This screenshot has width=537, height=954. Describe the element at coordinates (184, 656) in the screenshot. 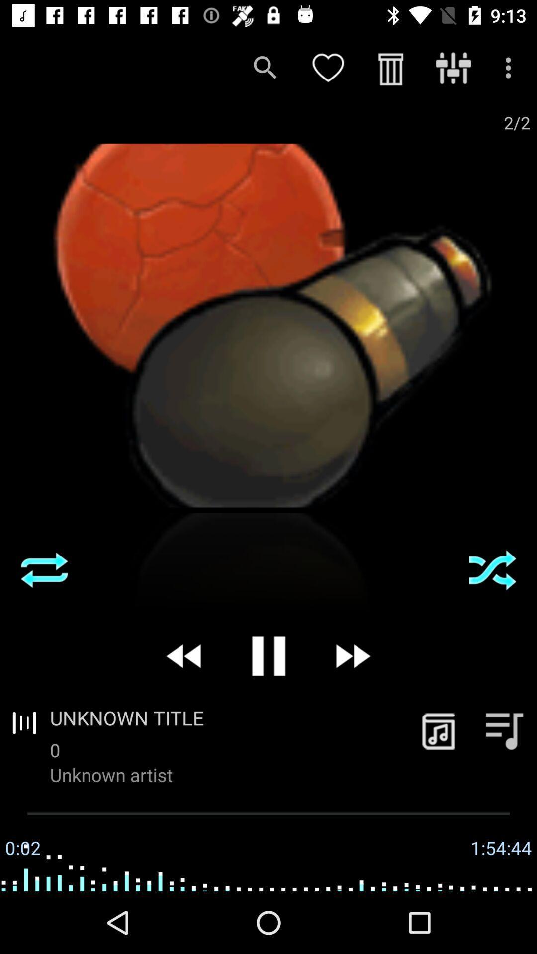

I see `rewind` at that location.